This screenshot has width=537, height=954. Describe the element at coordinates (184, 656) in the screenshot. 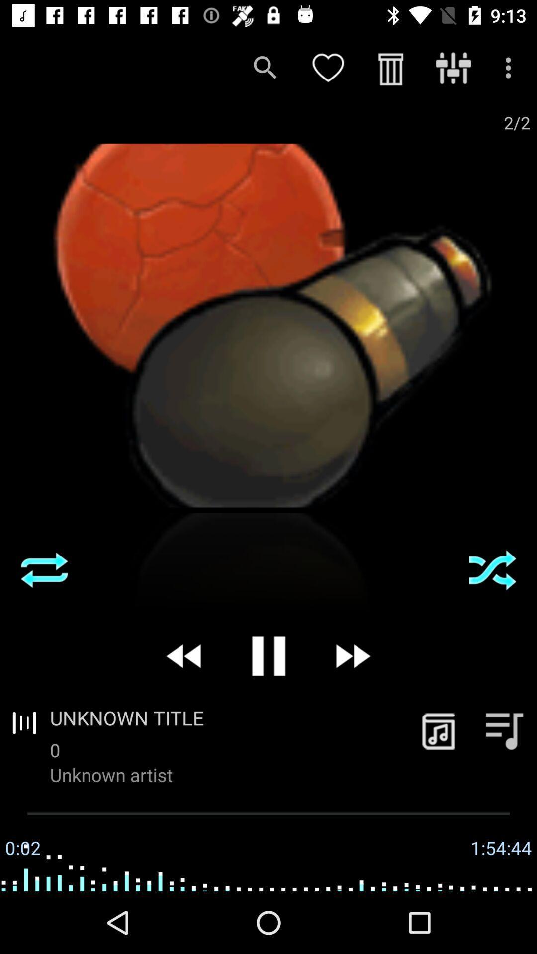

I see `rewind` at that location.